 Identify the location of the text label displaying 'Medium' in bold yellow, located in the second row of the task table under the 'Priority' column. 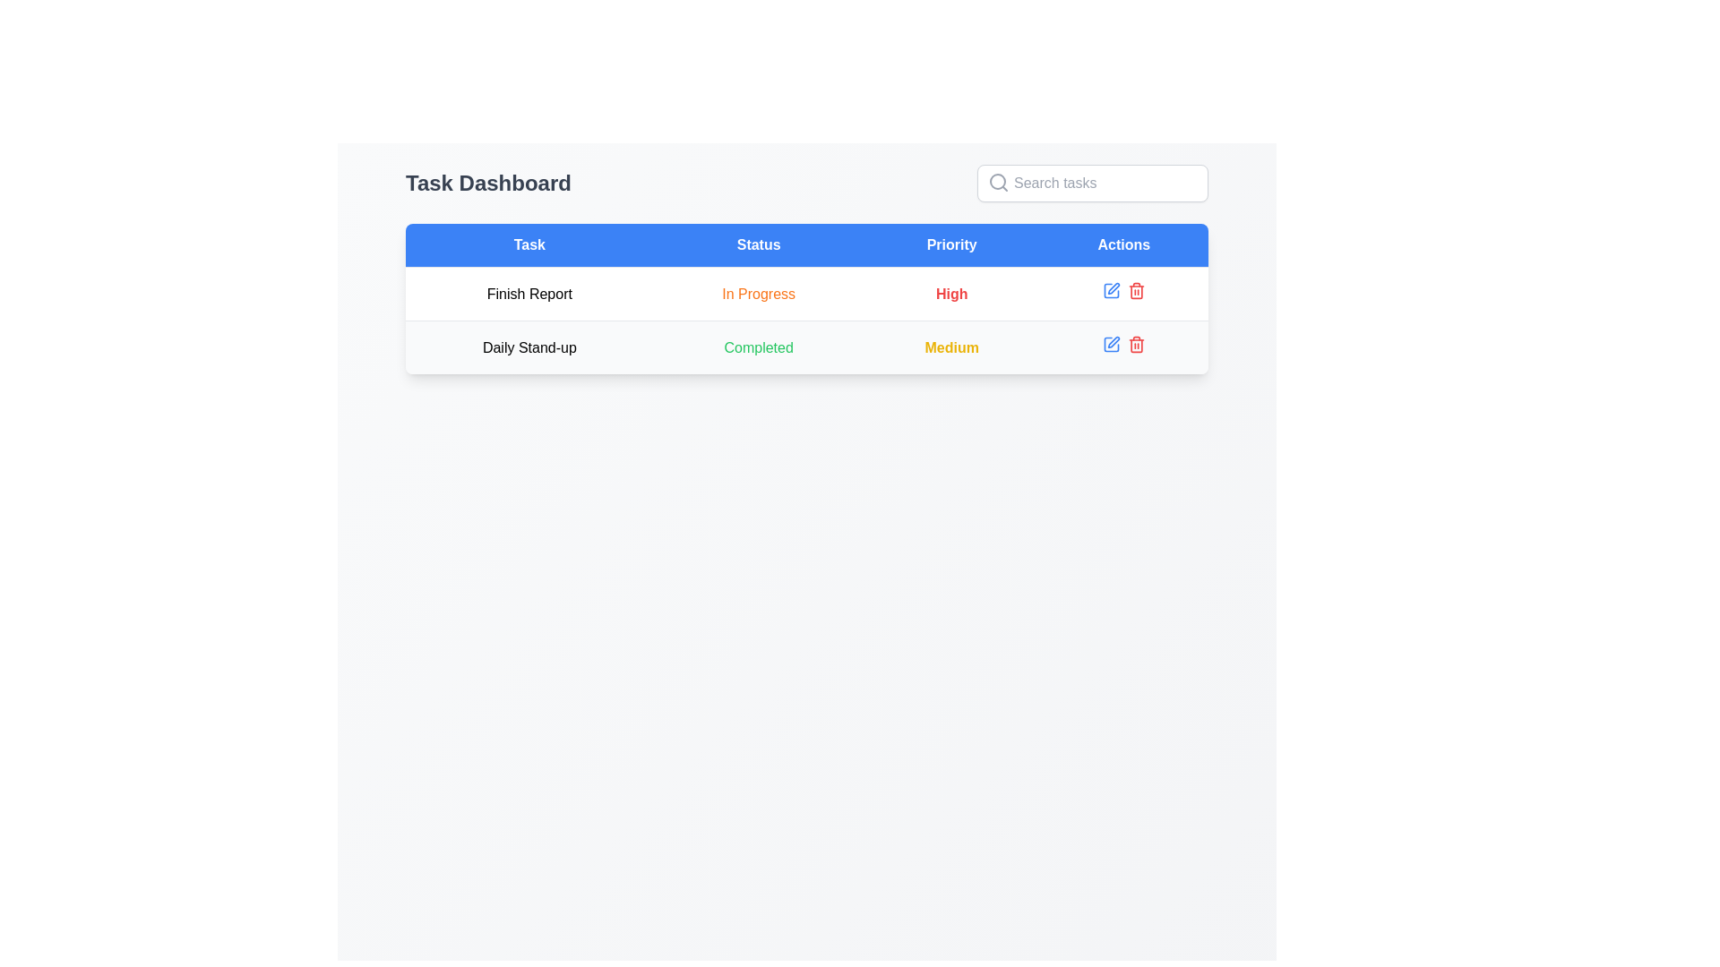
(950, 347).